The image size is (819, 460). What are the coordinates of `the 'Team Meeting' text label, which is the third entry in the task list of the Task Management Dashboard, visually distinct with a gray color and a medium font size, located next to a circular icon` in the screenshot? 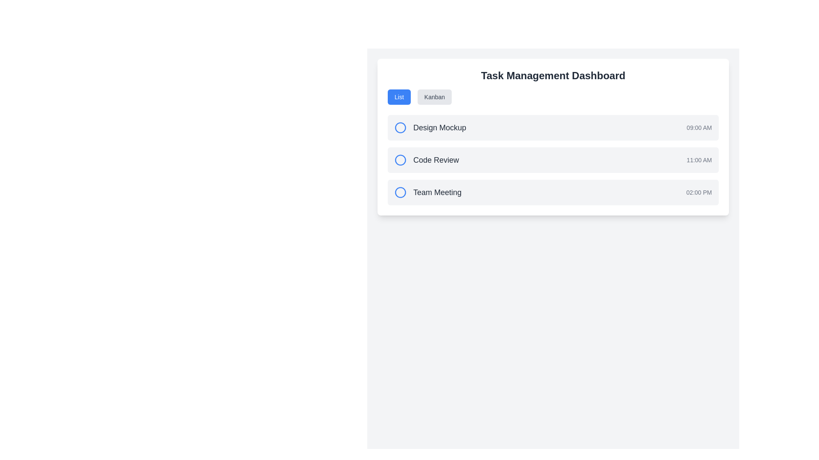 It's located at (437, 192).